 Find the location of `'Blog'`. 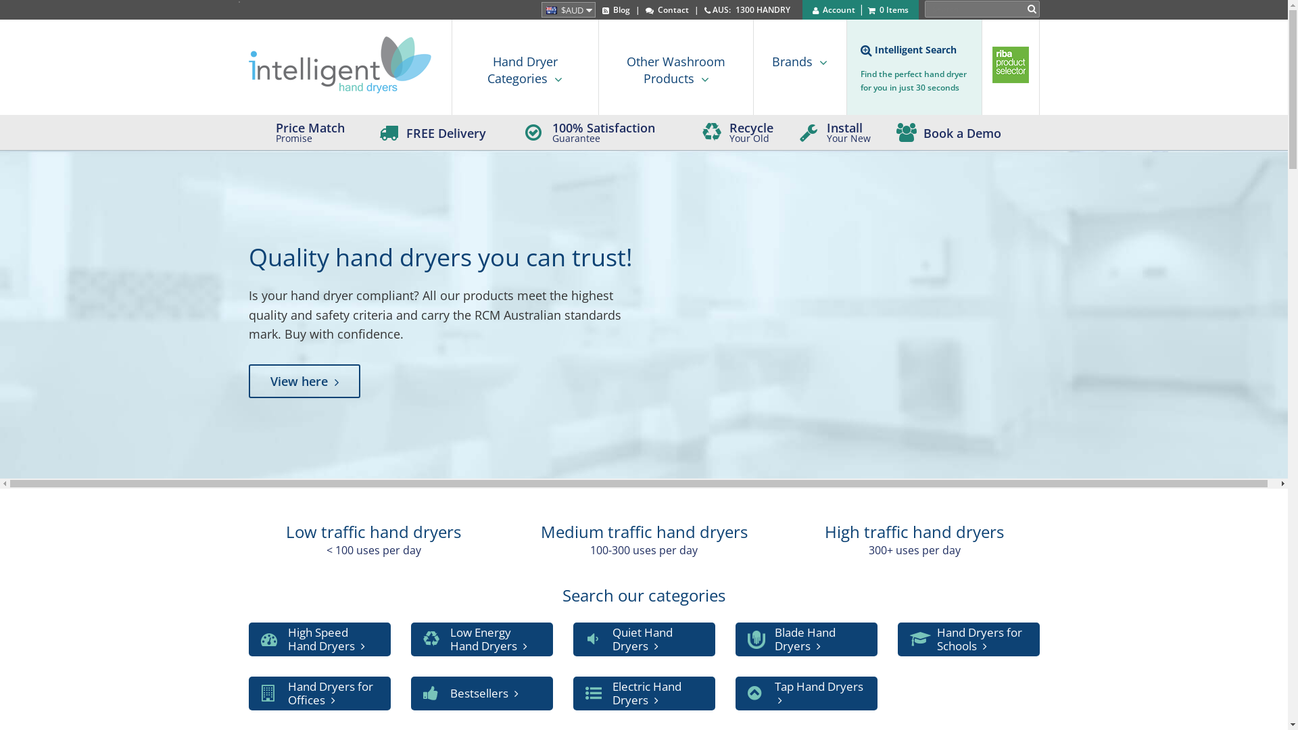

'Blog' is located at coordinates (615, 9).